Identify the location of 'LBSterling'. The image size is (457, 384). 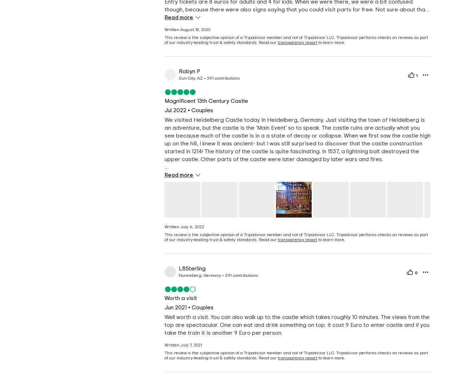
(192, 268).